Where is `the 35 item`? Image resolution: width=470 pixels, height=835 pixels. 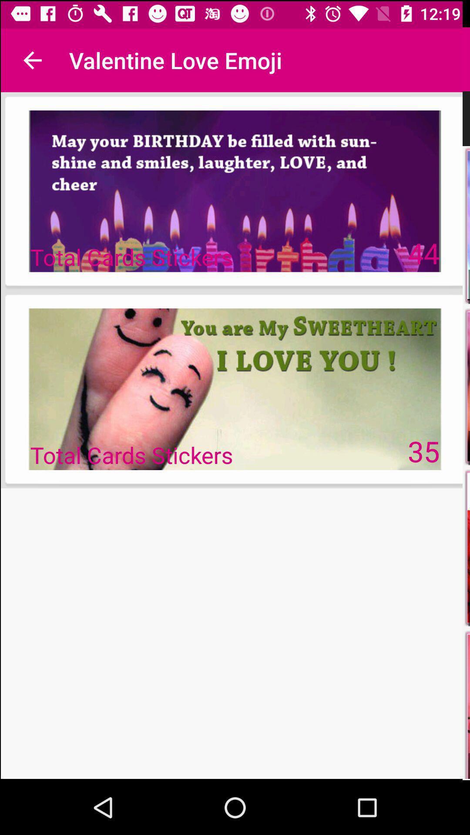
the 35 item is located at coordinates (424, 451).